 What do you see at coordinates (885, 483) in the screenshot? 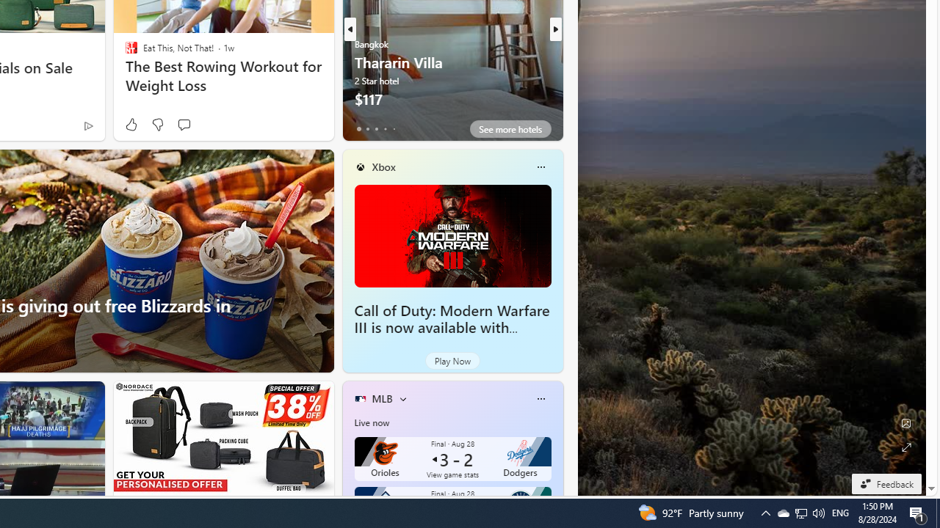
I see `'Feedback'` at bounding box center [885, 483].